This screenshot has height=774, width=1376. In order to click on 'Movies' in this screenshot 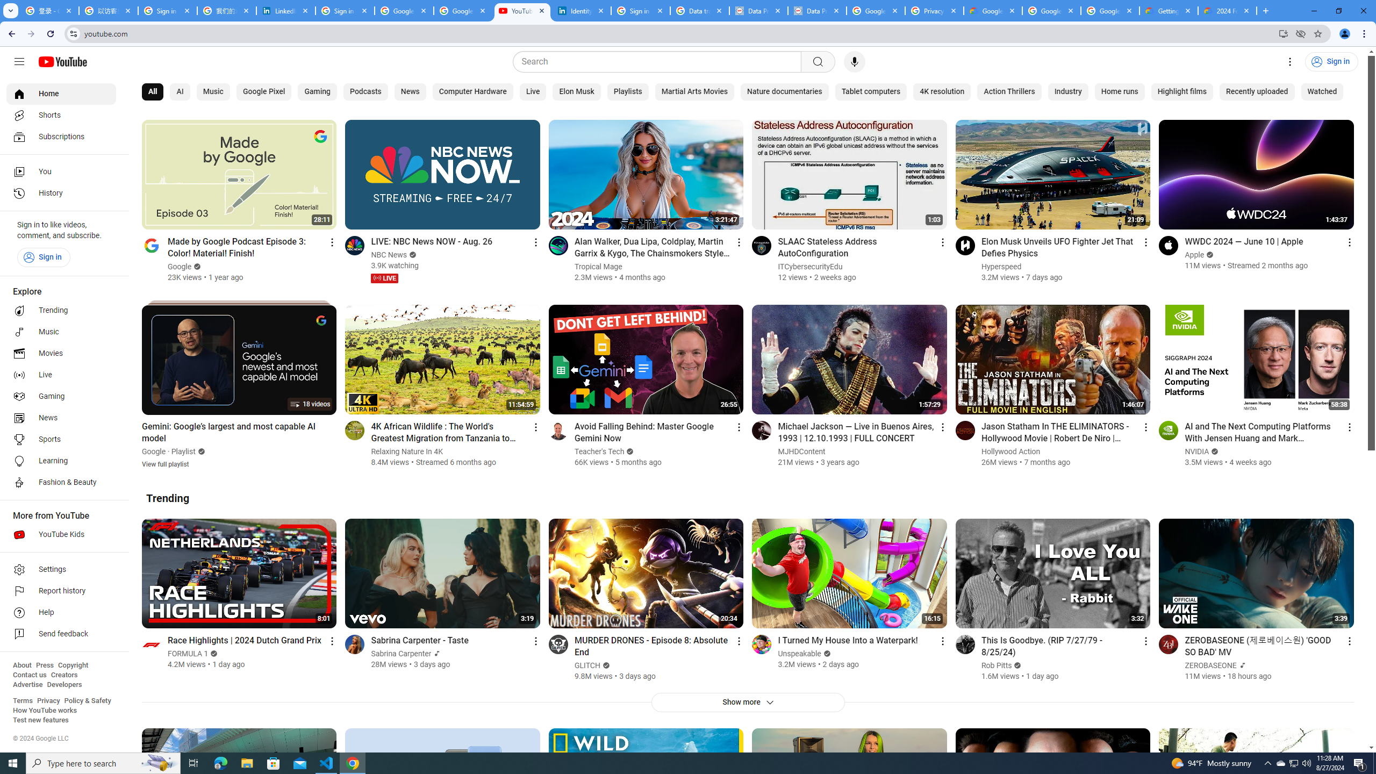, I will do `click(61, 354)`.